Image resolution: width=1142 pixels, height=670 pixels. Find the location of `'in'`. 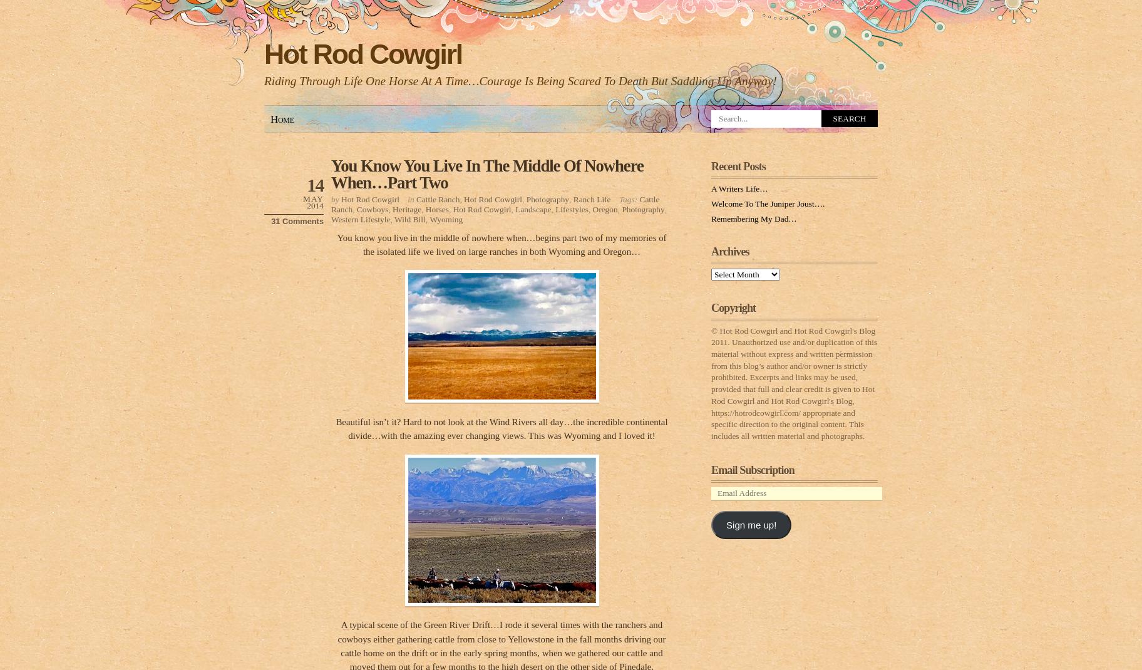

'in' is located at coordinates (406, 198).